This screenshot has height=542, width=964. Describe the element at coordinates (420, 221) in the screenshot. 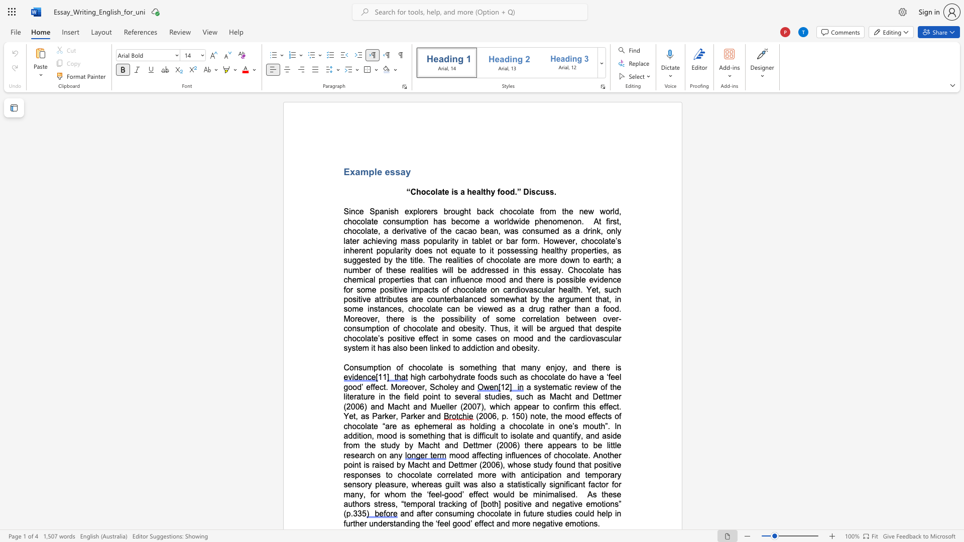

I see `the space between the continuous character "i" and "o" in the text` at that location.